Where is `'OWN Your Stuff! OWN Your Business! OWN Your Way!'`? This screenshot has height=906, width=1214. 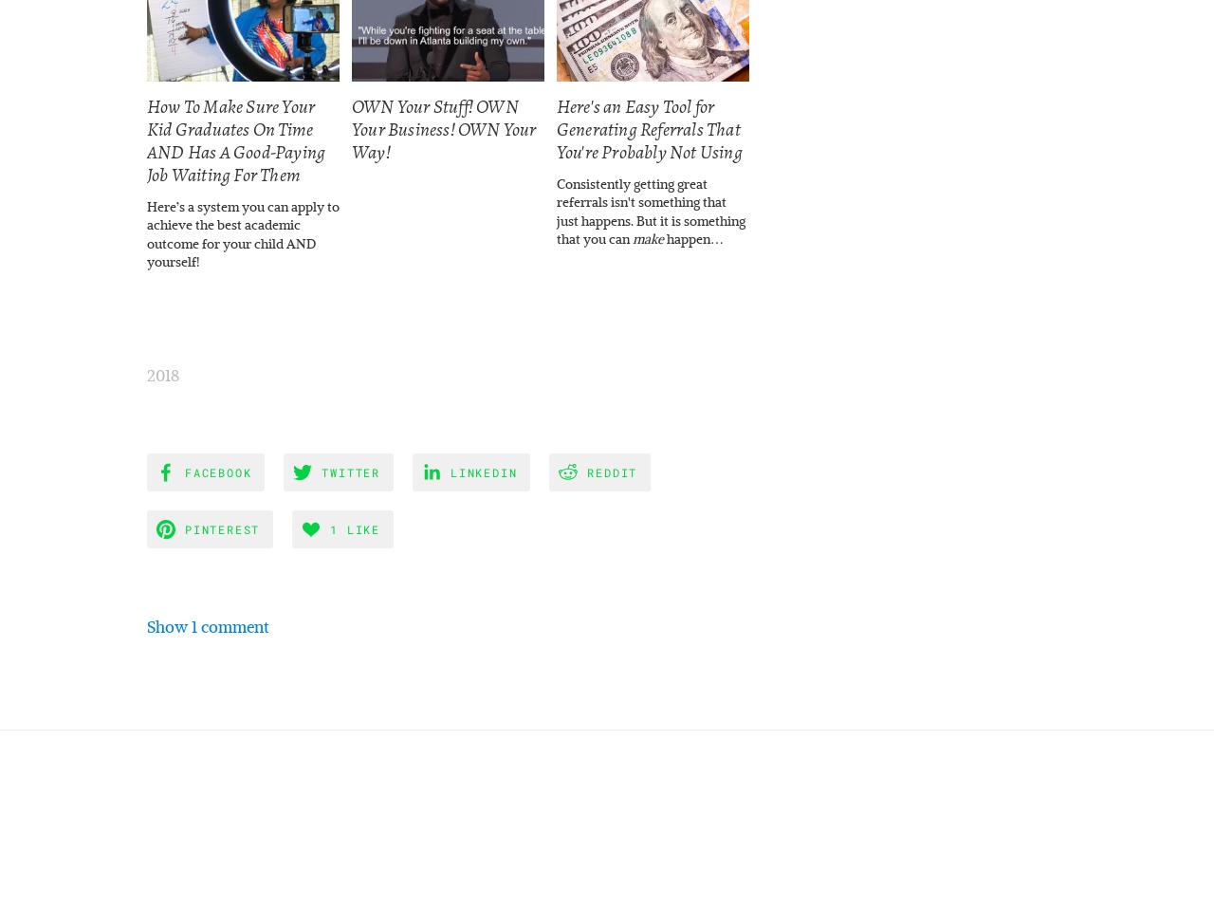 'OWN Your Stuff! OWN Your Business! OWN Your Way!' is located at coordinates (351, 129).